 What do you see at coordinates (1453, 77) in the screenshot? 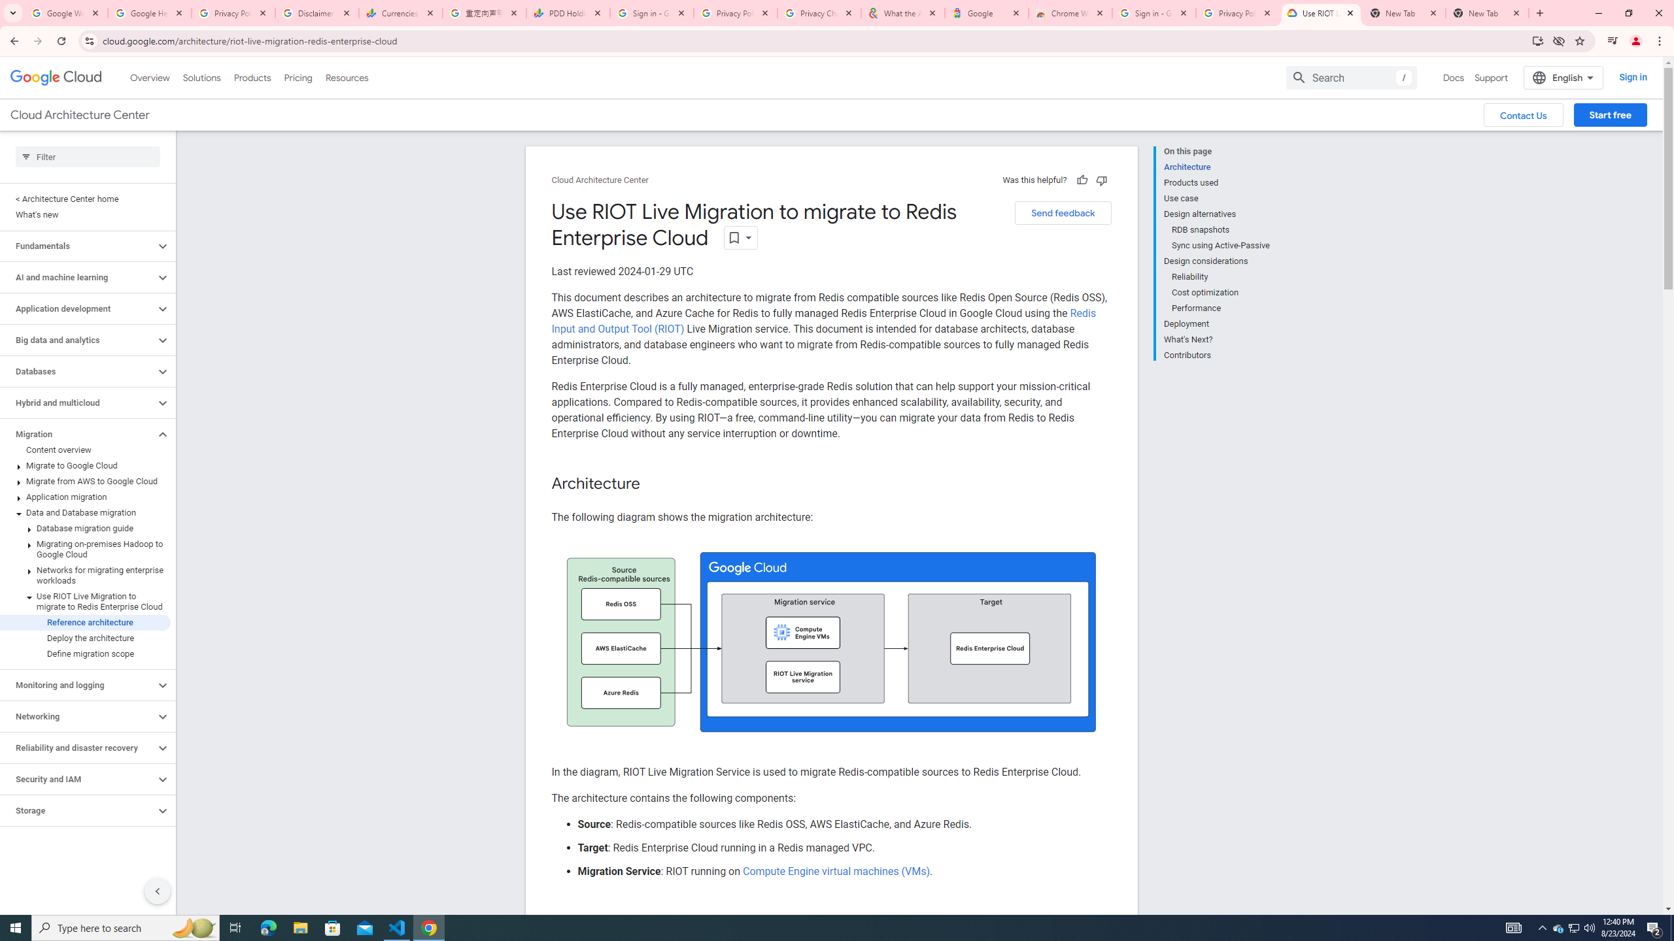
I see `'Docs, selected'` at bounding box center [1453, 77].